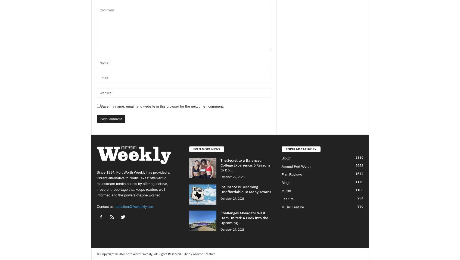 This screenshot has width=460, height=260. Describe the element at coordinates (192, 149) in the screenshot. I see `'EVEN MORE NEWS'` at that location.